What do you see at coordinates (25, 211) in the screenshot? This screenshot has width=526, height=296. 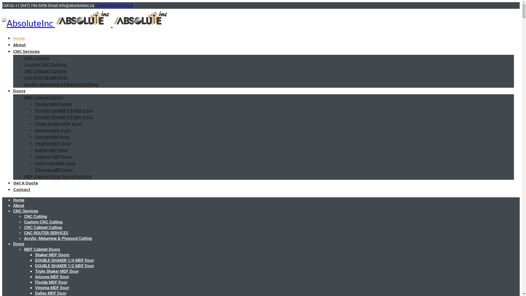 I see `'CNC Services'` at bounding box center [25, 211].